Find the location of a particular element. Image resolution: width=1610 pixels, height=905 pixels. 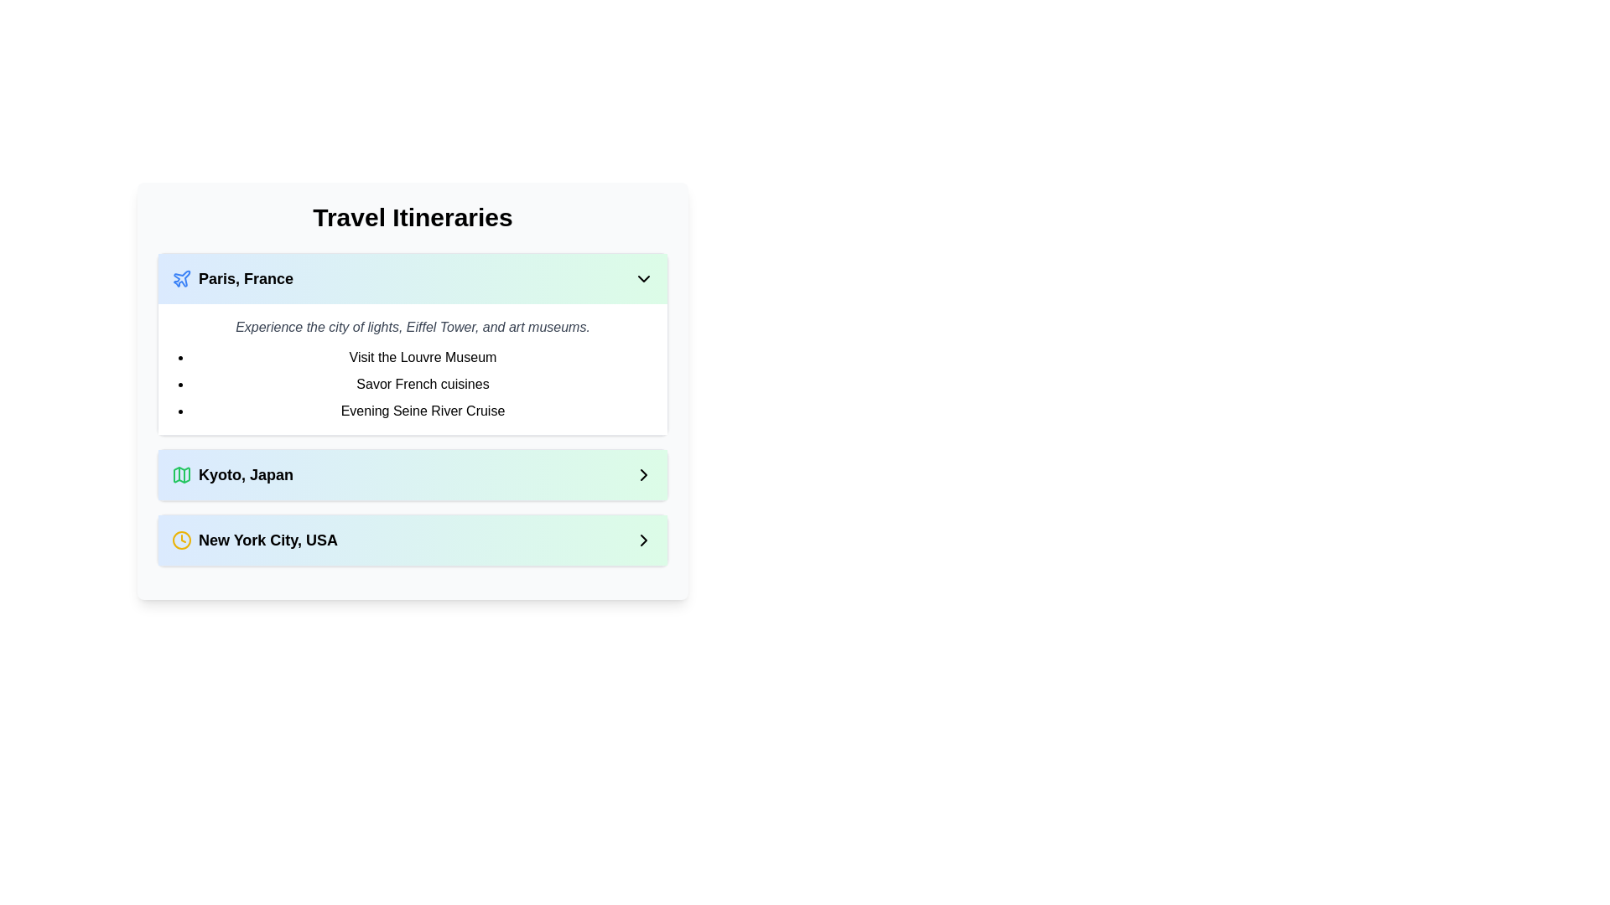

the chevron-down indicator on the far right end of the 'Paris, France' bar is located at coordinates (643, 277).